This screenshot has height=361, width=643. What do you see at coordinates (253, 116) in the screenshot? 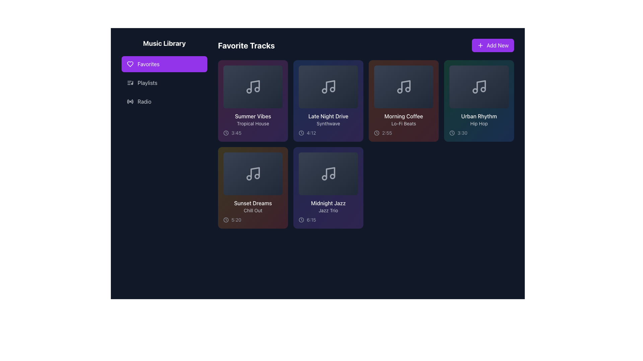
I see `text displayed as the primary title or label for the music track or playlist, located in the top-left section of the 'Favorite Tracks' view, just above the subtitle 'Tropical House'` at bounding box center [253, 116].